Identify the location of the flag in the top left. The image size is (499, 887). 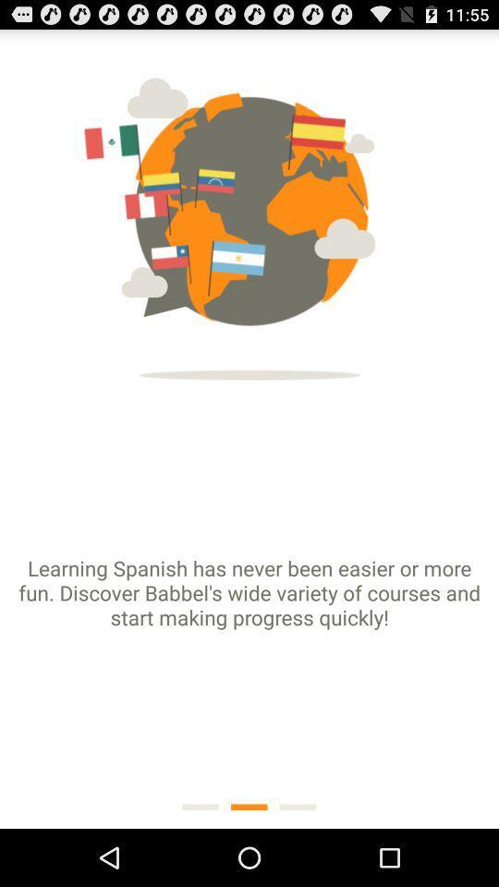
(140, 148).